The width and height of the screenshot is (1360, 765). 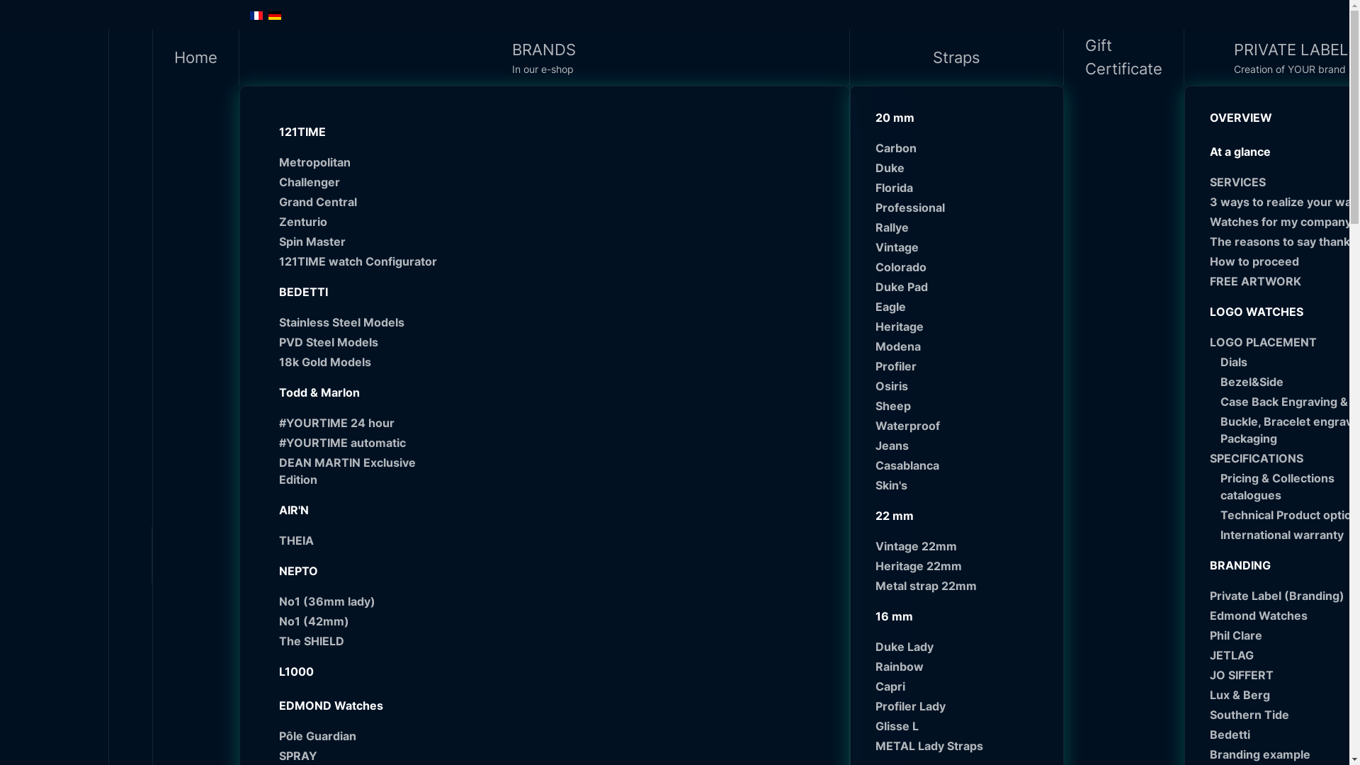 I want to click on 'Profiler Lady', so click(x=875, y=705).